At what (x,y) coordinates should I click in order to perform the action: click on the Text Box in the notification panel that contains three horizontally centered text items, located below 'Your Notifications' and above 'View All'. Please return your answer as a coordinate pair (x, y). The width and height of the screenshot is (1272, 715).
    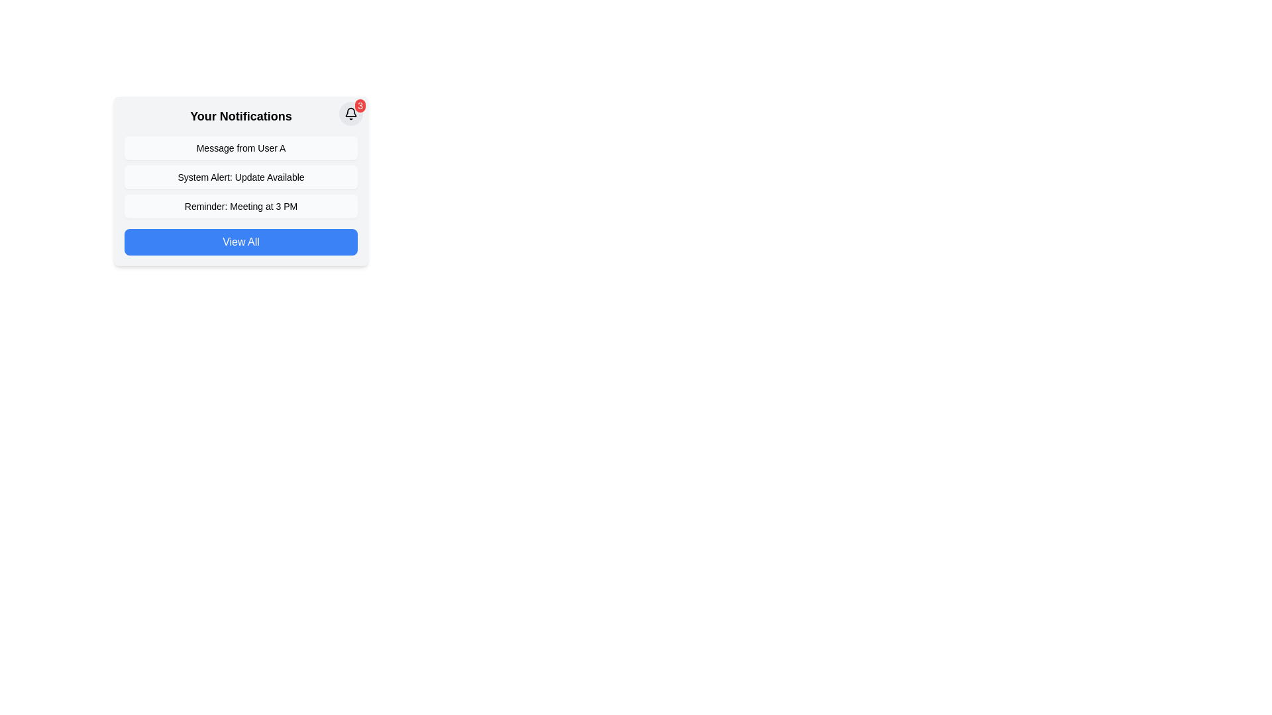
    Looking at the image, I should click on (241, 176).